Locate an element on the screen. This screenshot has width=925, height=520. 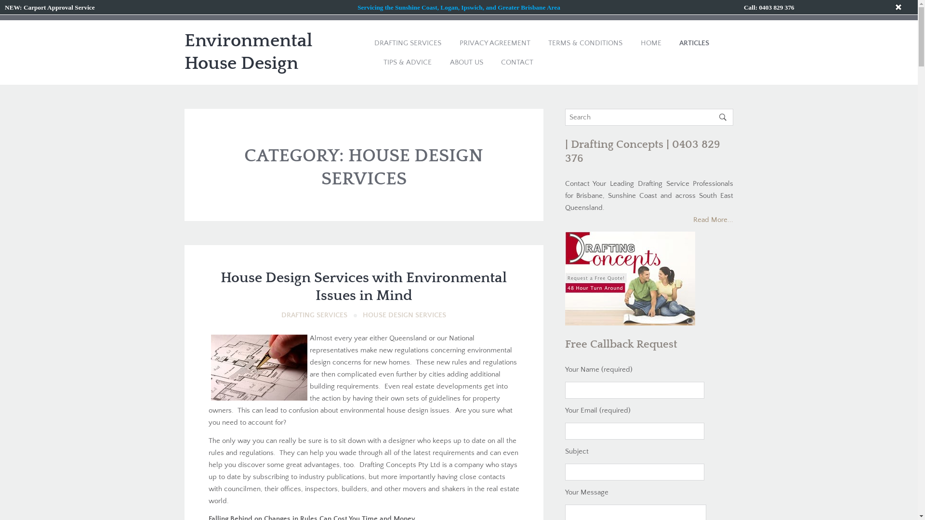
'Call: 0403 829 376' is located at coordinates (768, 7).